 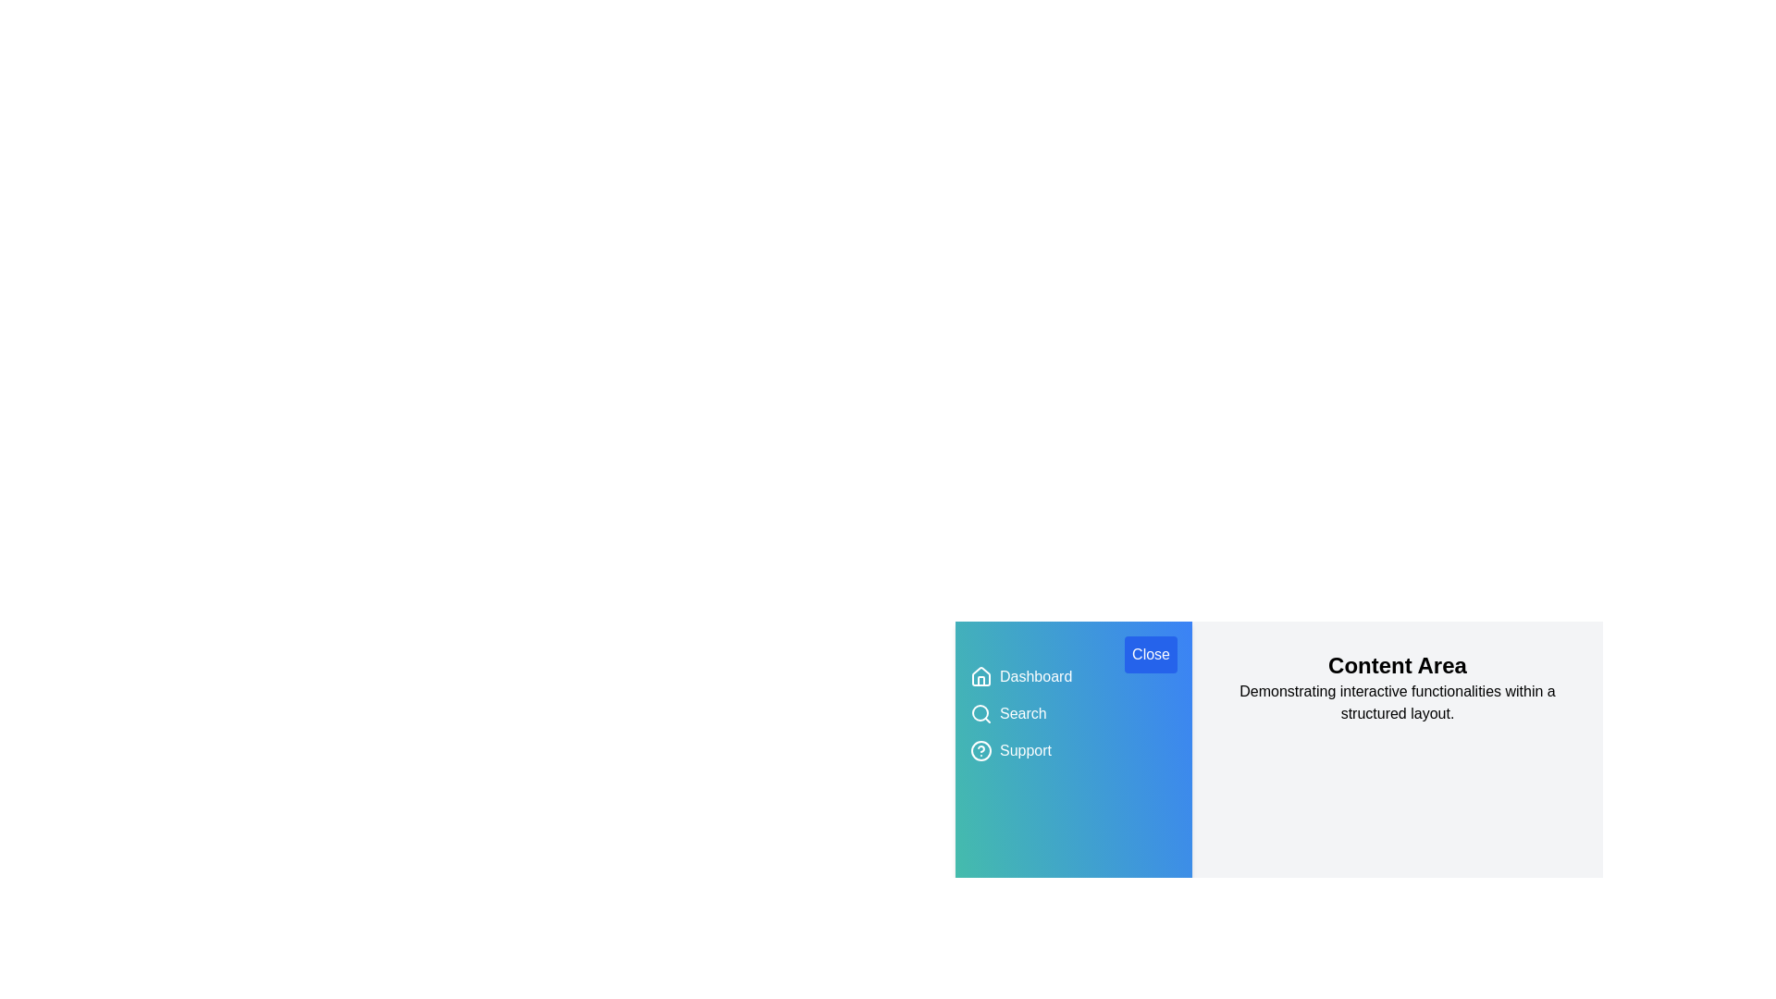 I want to click on the 'Content Area' to read the text, so click(x=1398, y=666).